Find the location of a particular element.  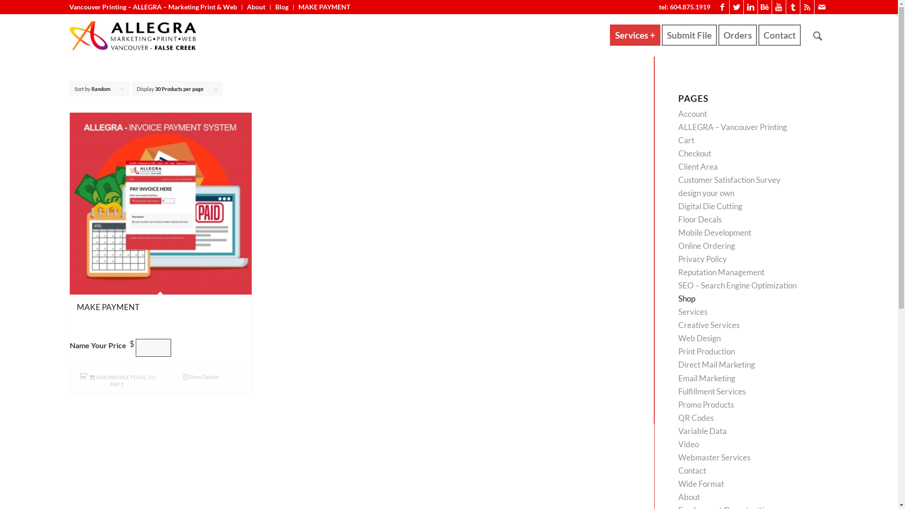

'Client Area' is located at coordinates (698, 166).